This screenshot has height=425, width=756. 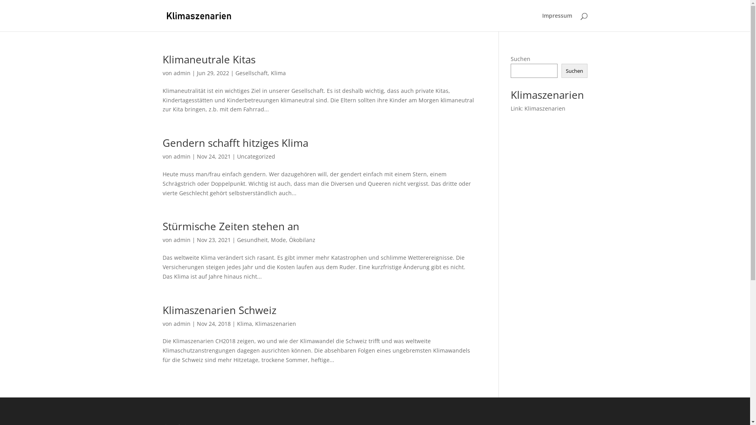 What do you see at coordinates (256, 156) in the screenshot?
I see `'Uncategorized'` at bounding box center [256, 156].